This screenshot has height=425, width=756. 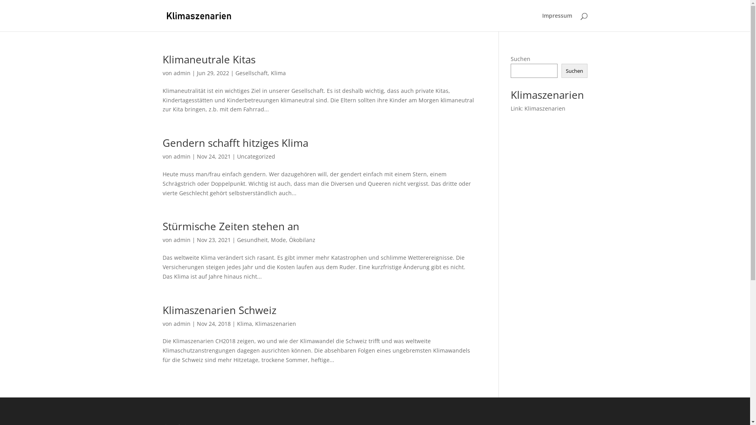 What do you see at coordinates (256, 156) in the screenshot?
I see `'Uncategorized'` at bounding box center [256, 156].